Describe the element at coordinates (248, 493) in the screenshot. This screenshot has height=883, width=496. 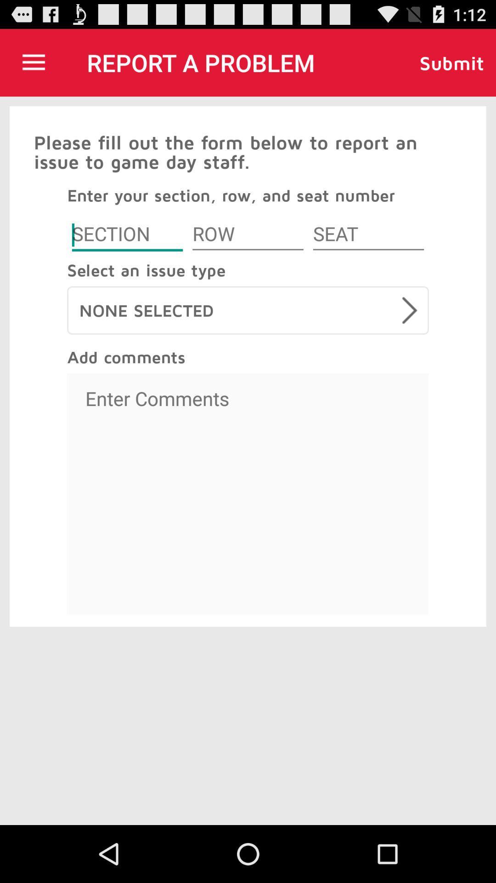
I see `text box` at that location.